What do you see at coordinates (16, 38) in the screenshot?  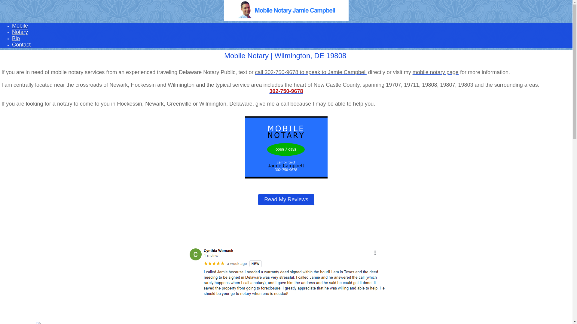 I see `'Bio'` at bounding box center [16, 38].